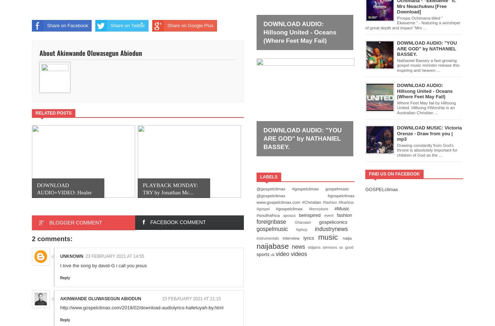 The height and width of the screenshot is (326, 495). I want to click on 'music', so click(330, 236).